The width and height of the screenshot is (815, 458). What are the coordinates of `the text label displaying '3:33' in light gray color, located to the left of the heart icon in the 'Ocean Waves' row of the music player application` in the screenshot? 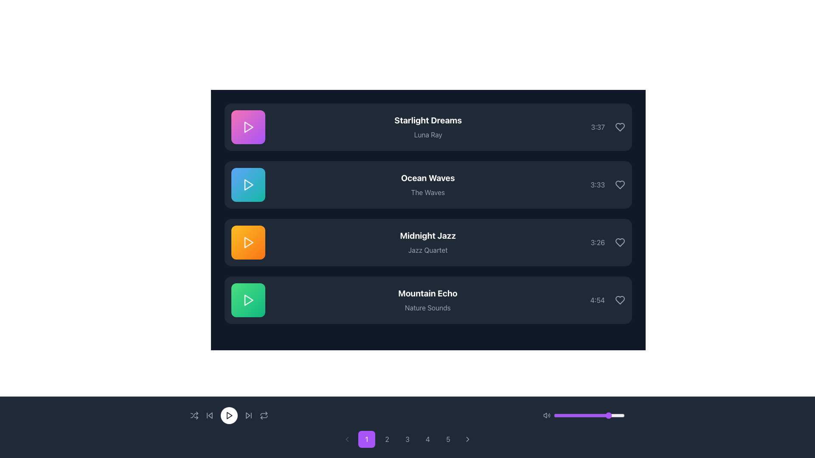 It's located at (607, 184).